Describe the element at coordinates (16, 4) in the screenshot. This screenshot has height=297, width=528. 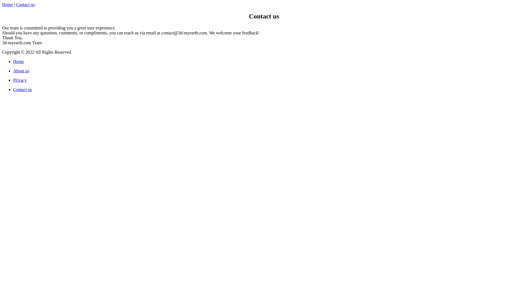
I see `'Contact us'` at that location.